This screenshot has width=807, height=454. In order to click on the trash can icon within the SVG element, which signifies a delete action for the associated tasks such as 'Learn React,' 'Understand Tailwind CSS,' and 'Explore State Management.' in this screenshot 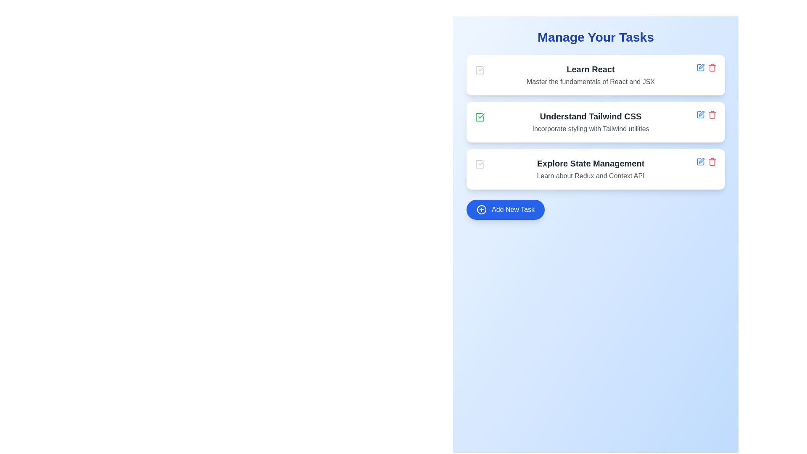, I will do `click(712, 68)`.